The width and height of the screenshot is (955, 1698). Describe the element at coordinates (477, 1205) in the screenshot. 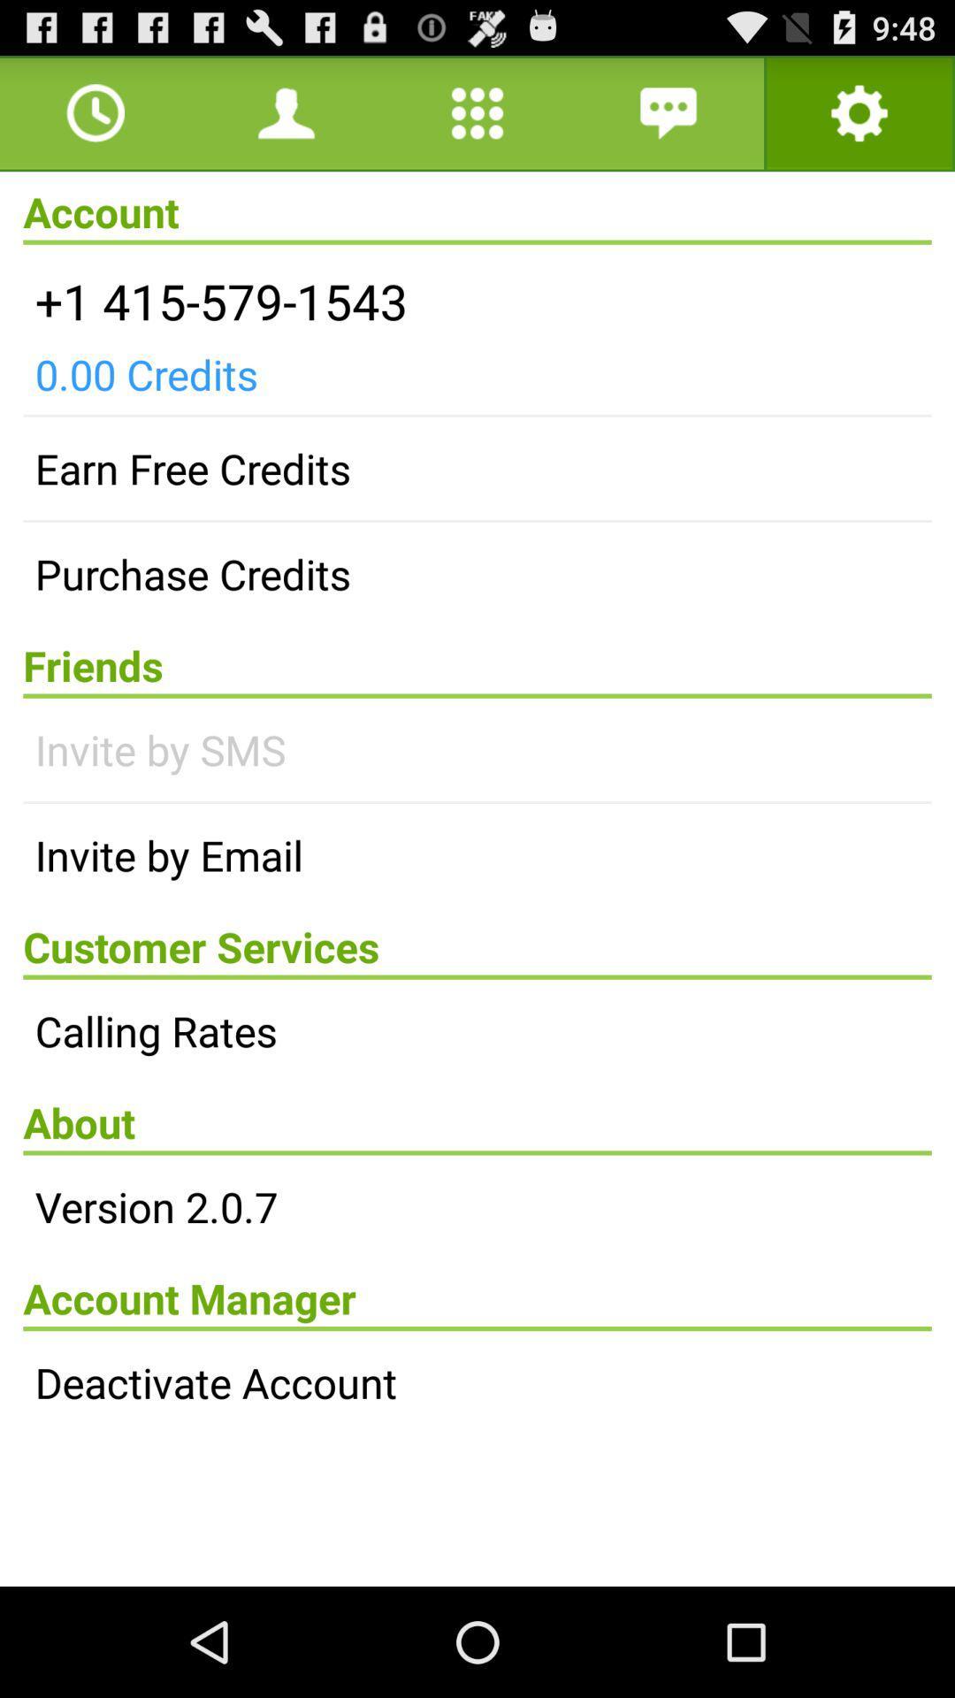

I see `version 2 0 item` at that location.